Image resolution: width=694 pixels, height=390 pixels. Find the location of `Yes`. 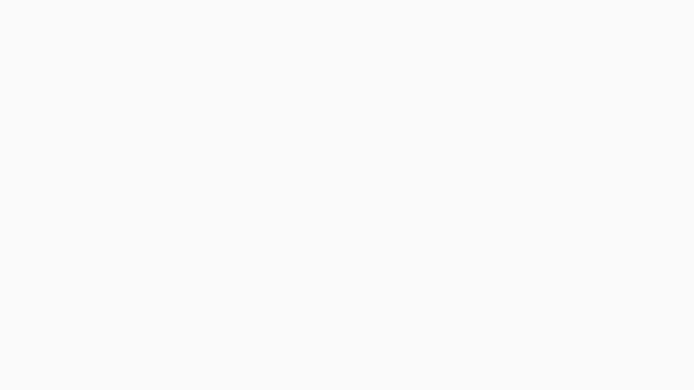

Yes is located at coordinates (584, 355).